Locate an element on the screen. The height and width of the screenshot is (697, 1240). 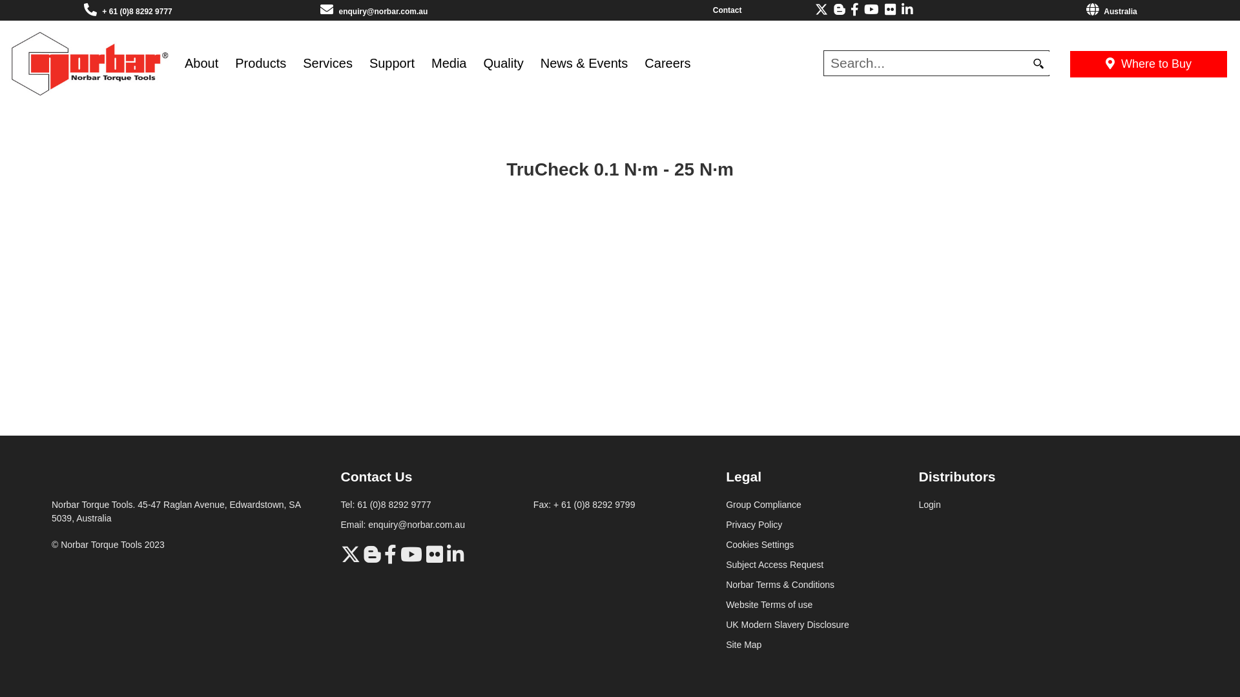
'Login' is located at coordinates (929, 504).